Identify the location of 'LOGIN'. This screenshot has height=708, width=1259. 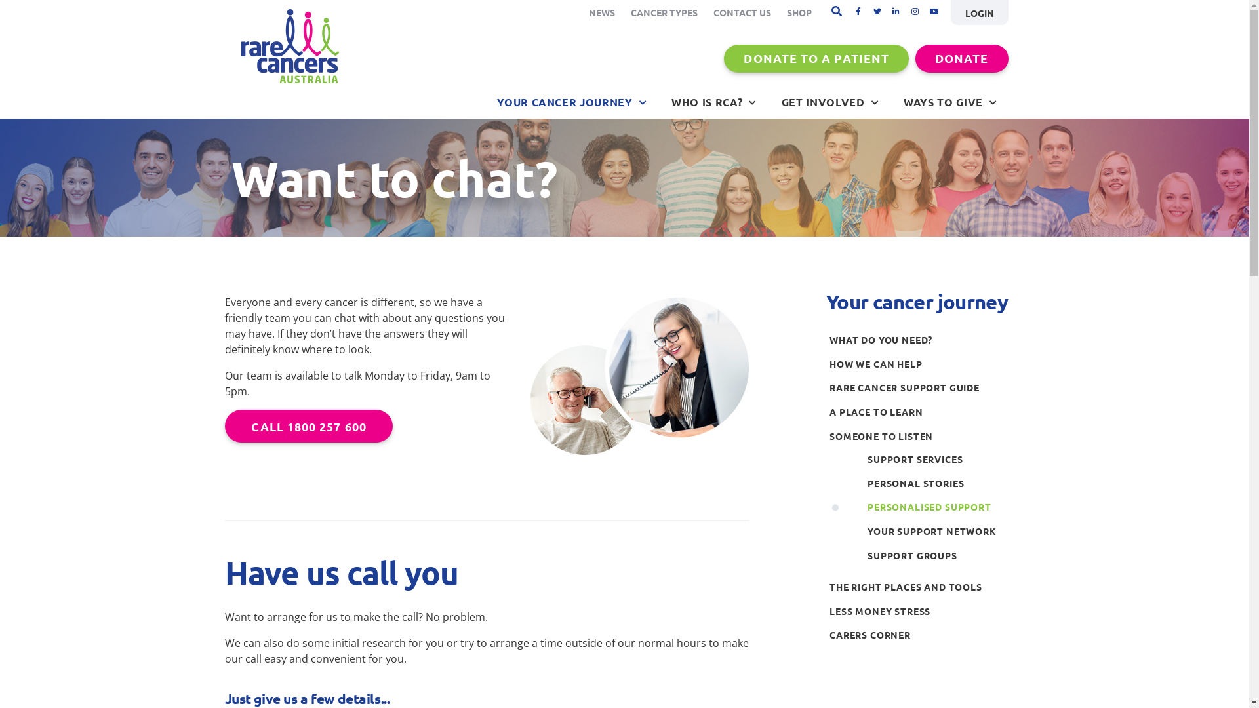
(979, 12).